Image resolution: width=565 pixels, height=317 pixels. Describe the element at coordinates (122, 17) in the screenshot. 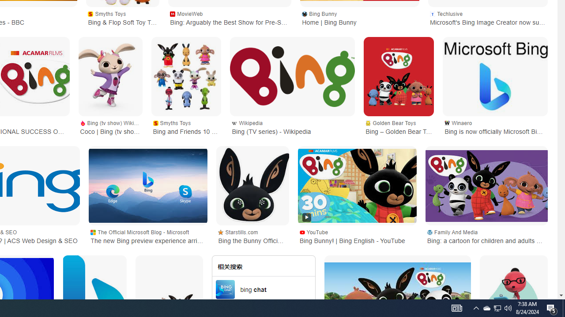

I see `'Smyths Toys Bing & Flop Soft Toy Twin Pack | Smyths Toys UK'` at that location.